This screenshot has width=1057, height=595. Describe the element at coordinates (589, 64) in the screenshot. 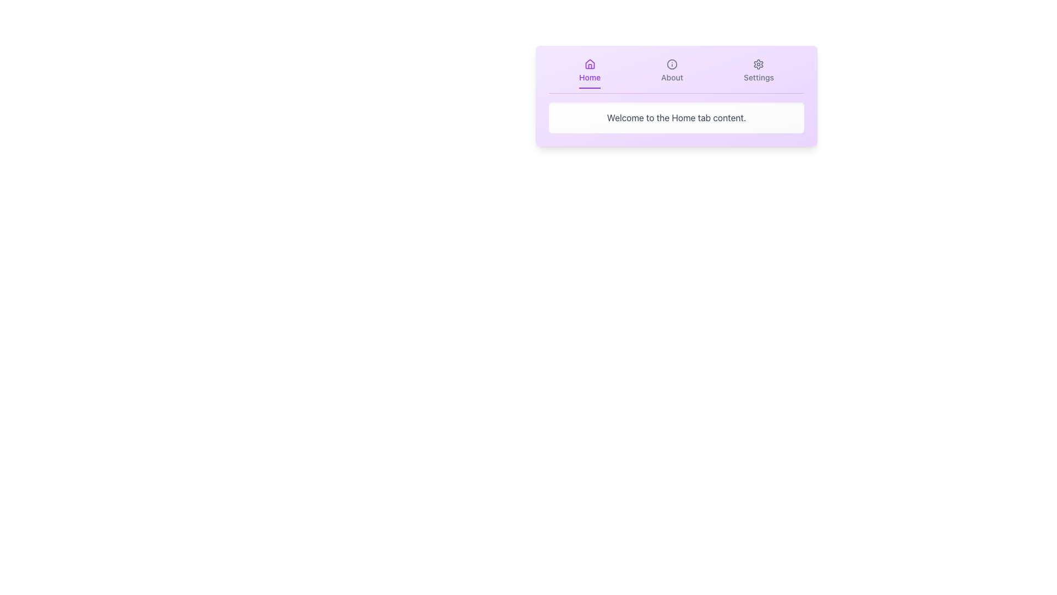

I see `the purple house icon located in the navigation bar above the 'Home' text for visual guidance` at that location.